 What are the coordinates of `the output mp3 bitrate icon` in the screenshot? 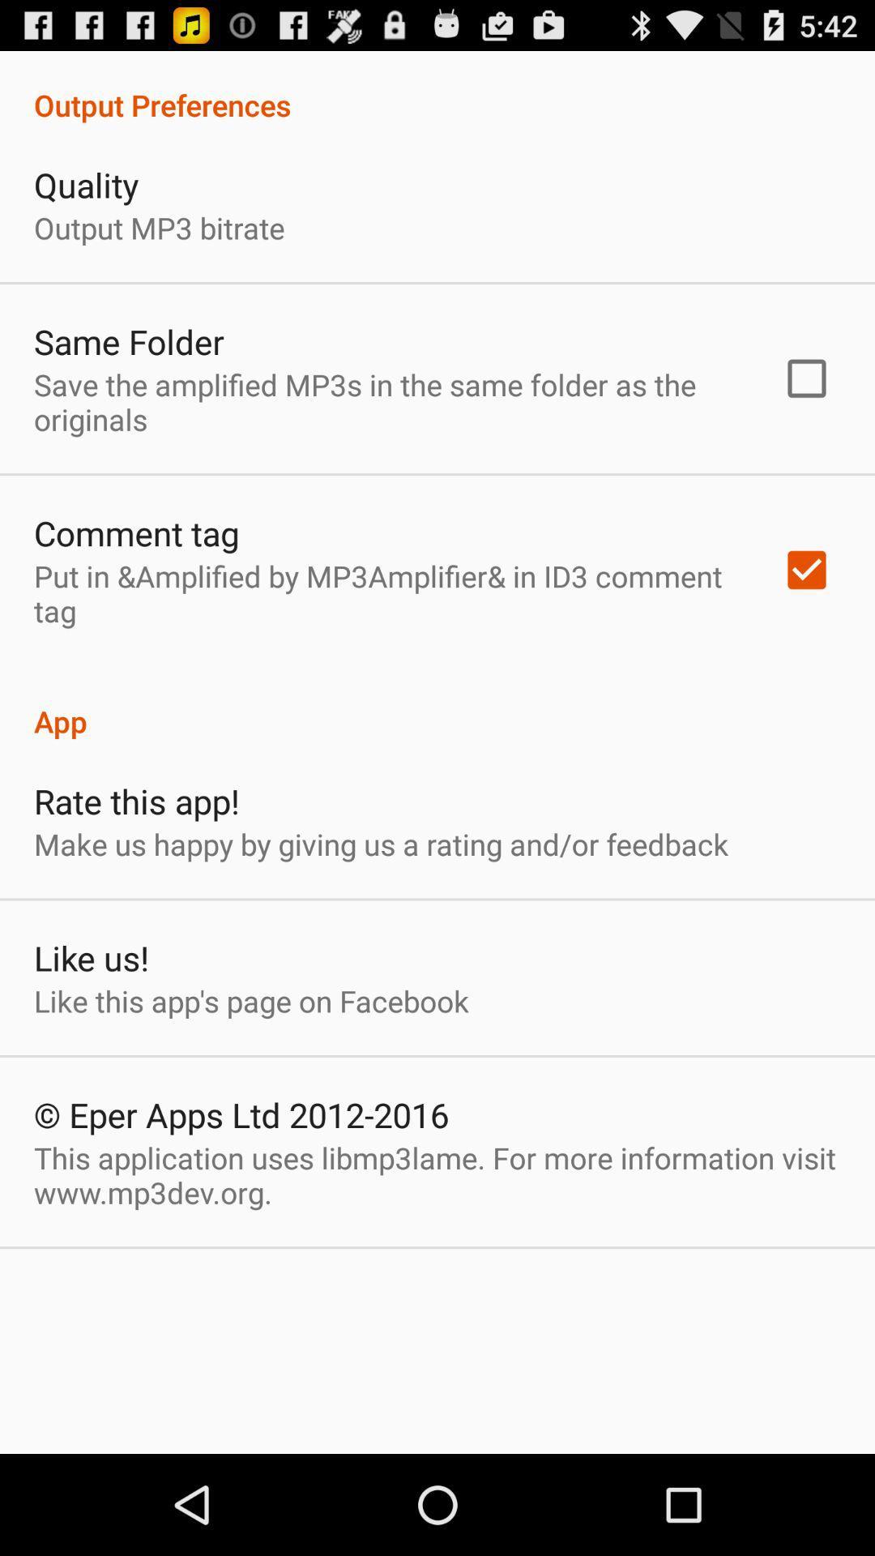 It's located at (159, 227).